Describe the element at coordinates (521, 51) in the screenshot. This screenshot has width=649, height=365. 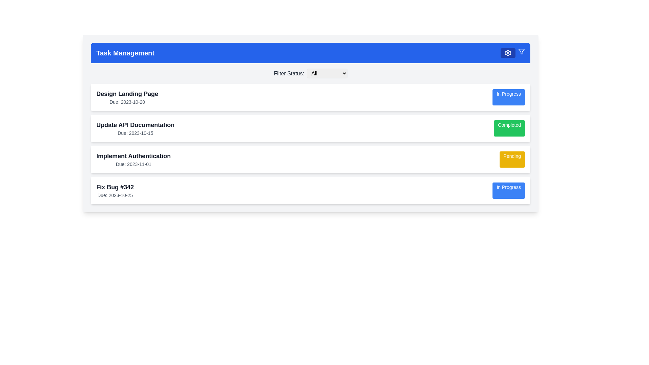
I see `the funnel icon located in the top-right corner of the blue header bar` at that location.